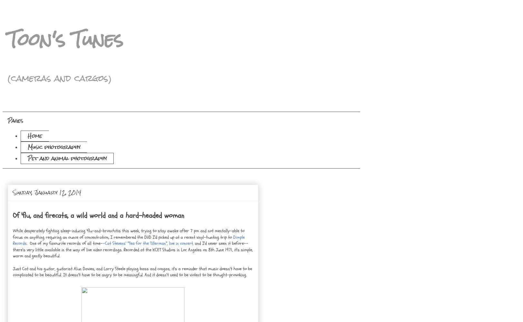  Describe the element at coordinates (47, 192) in the screenshot. I see `'Sunday, January 12, 2014'` at that location.